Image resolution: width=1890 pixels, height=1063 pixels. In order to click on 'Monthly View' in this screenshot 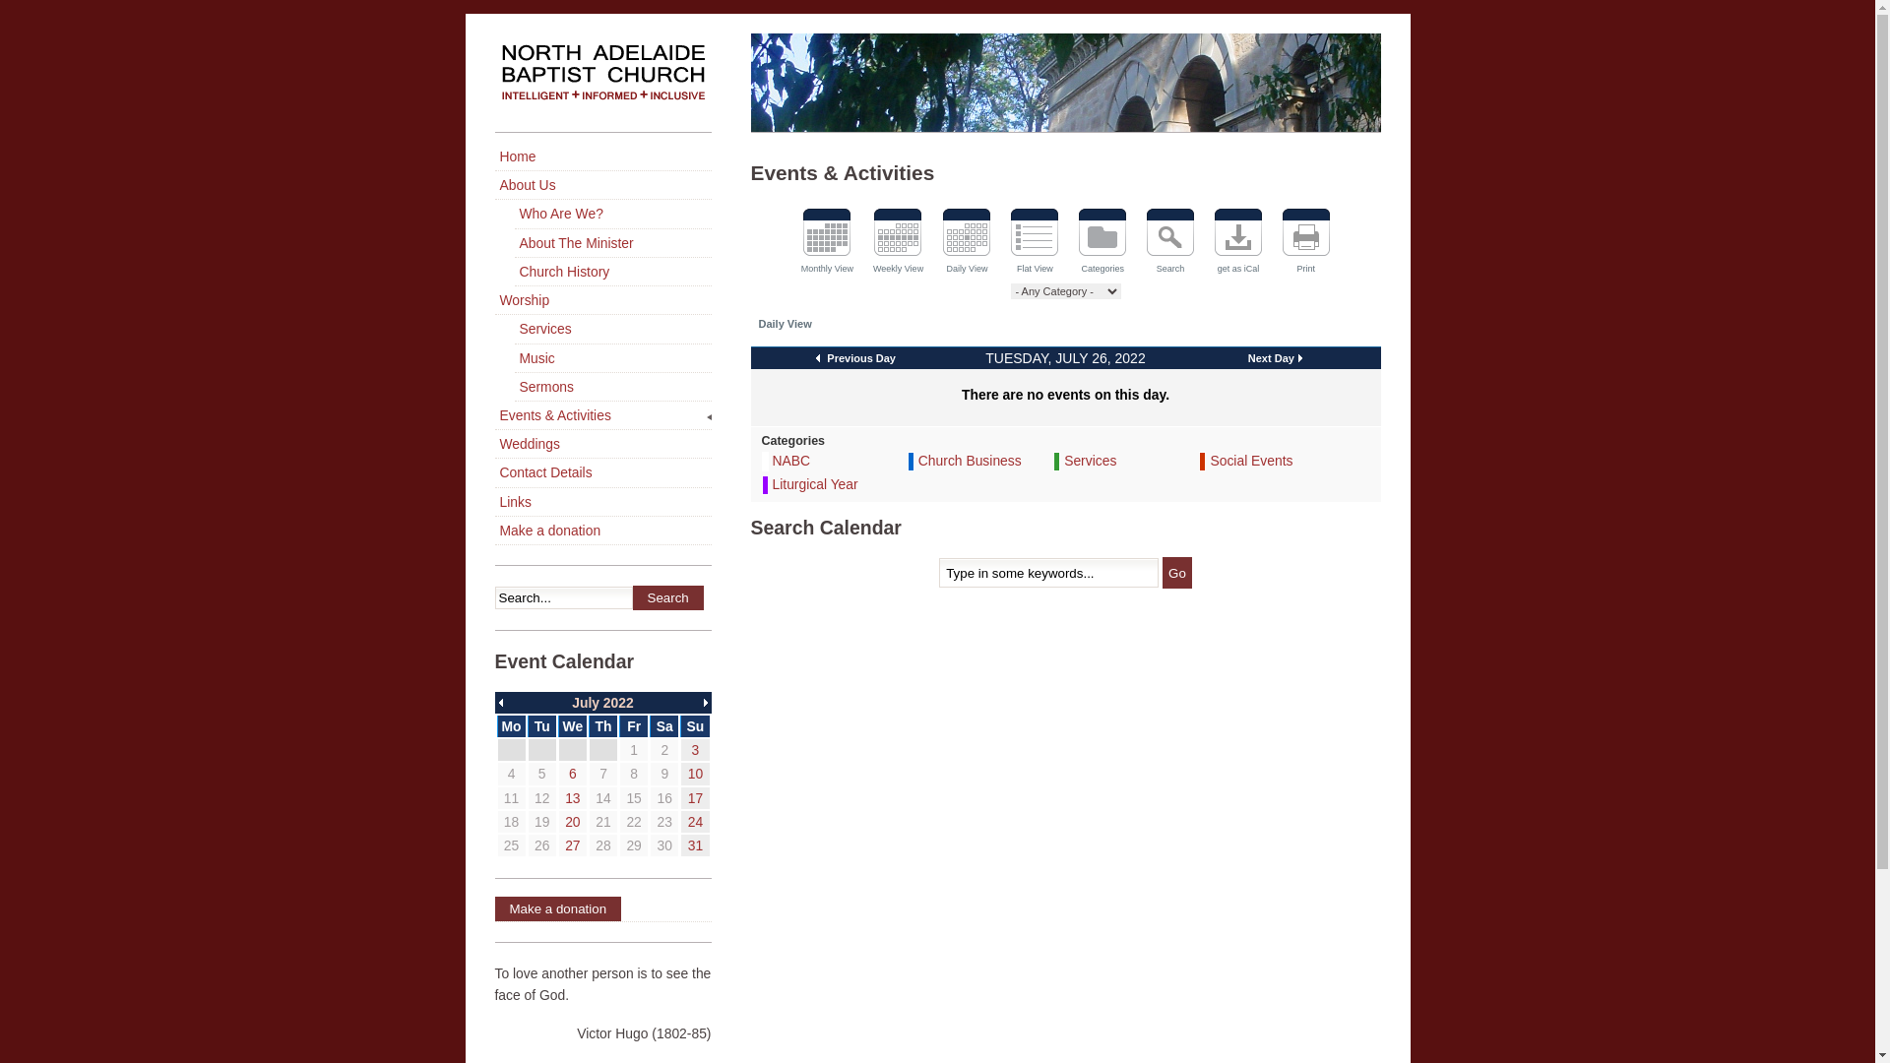, I will do `click(827, 242)`.